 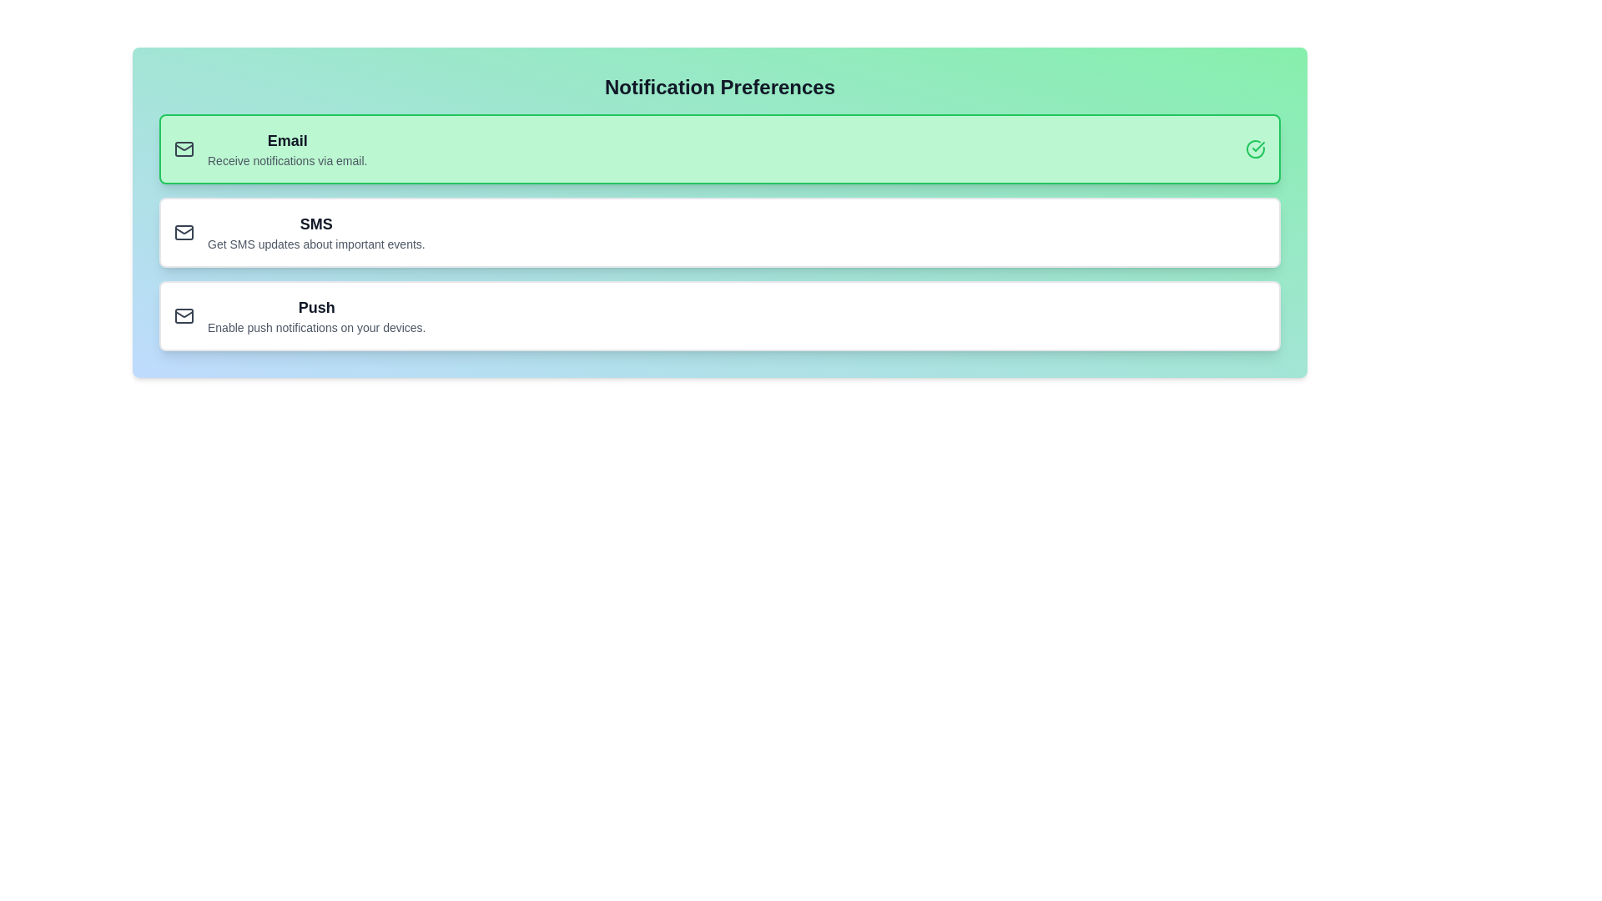 I want to click on the envelope icon representing SMS notification settings, which is located in the second section of the list, to the left of the text 'SMS', so click(x=184, y=232).